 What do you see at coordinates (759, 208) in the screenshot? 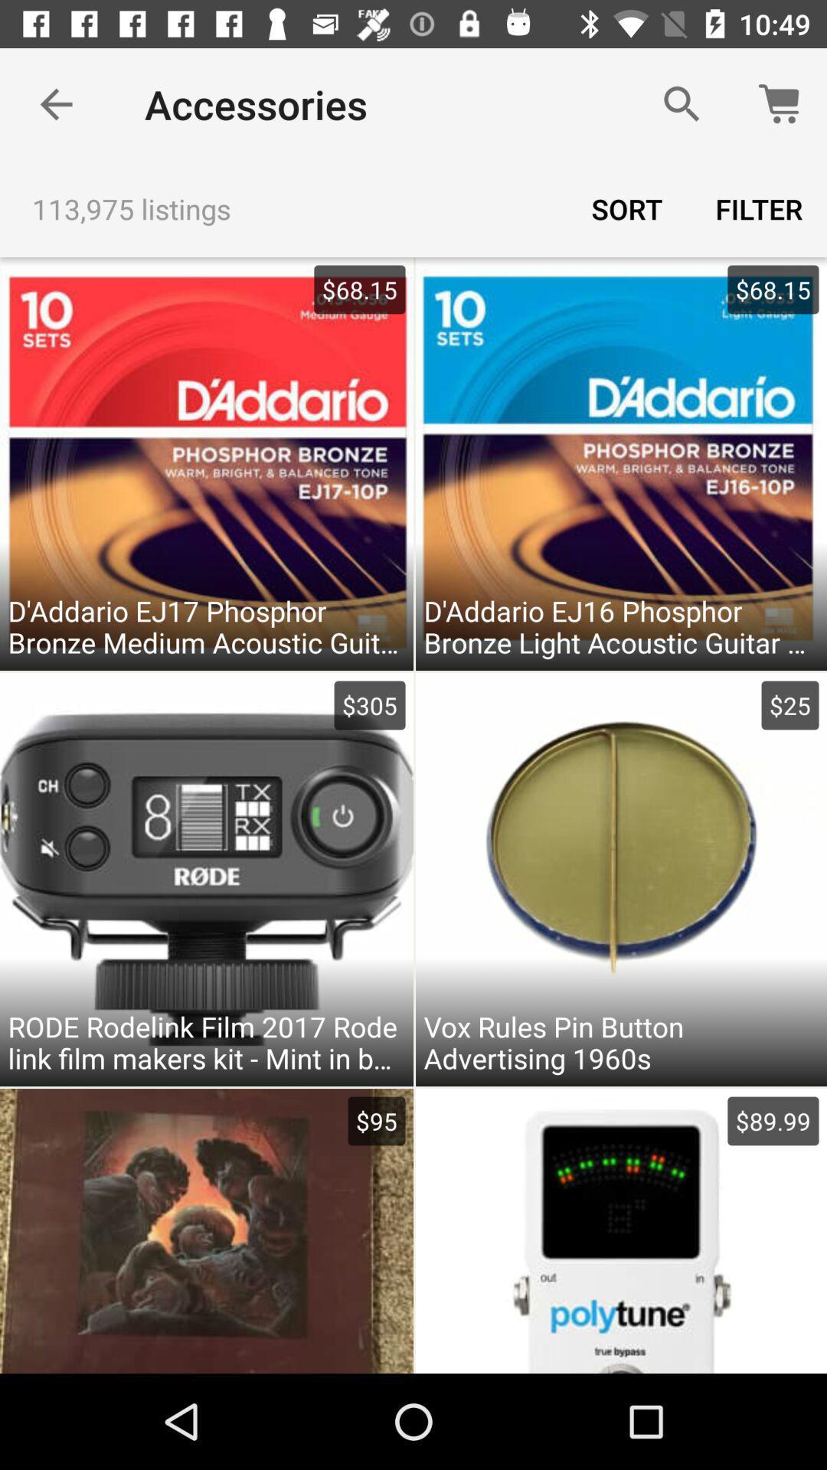
I see `item to the right of the sort item` at bounding box center [759, 208].